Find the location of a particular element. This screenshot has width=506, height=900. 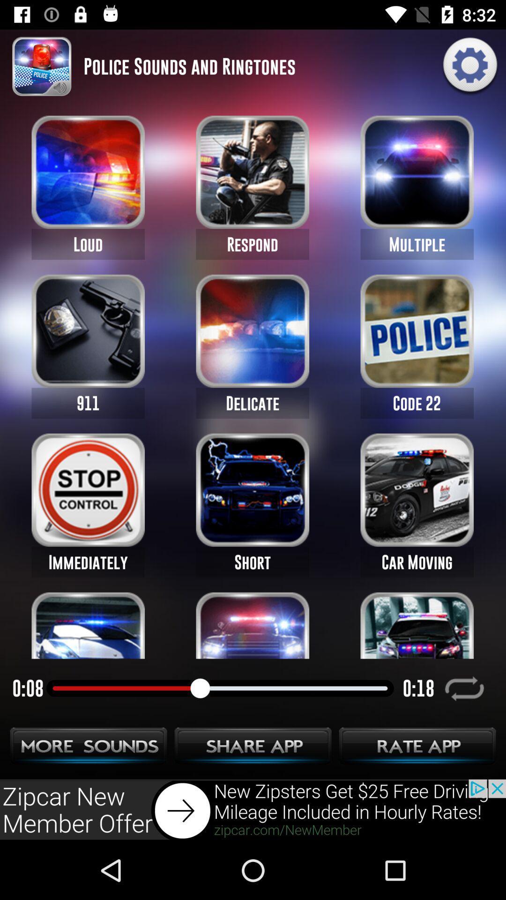

the image above code 22 is located at coordinates (417, 331).